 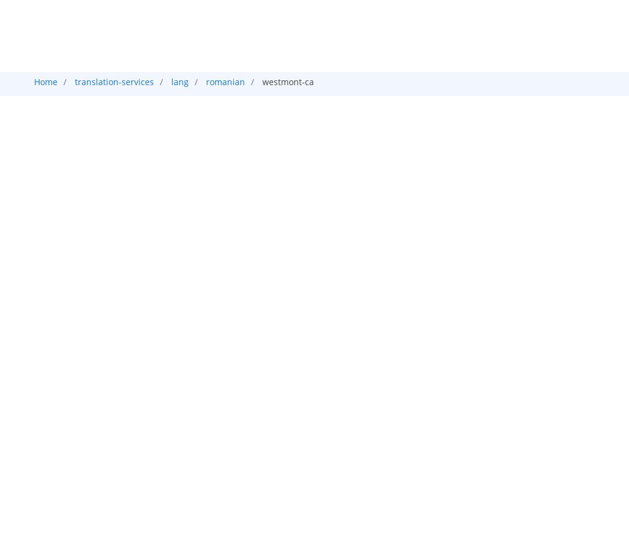 I want to click on 'Translation', so click(x=358, y=100).